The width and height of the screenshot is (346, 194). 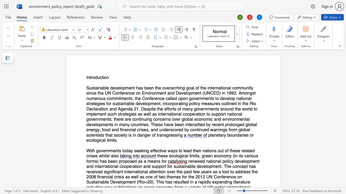 What do you see at coordinates (213, 88) in the screenshot?
I see `the 10th character "e" in the text` at bounding box center [213, 88].